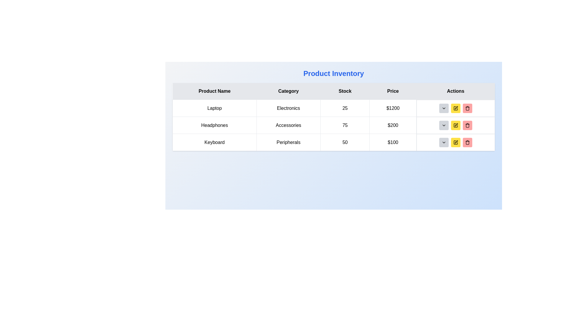 The height and width of the screenshot is (318, 566). Describe the element at coordinates (467, 142) in the screenshot. I see `the trash icon button in the 'Product Inventory' table to check for a tooltip or additional information` at that location.